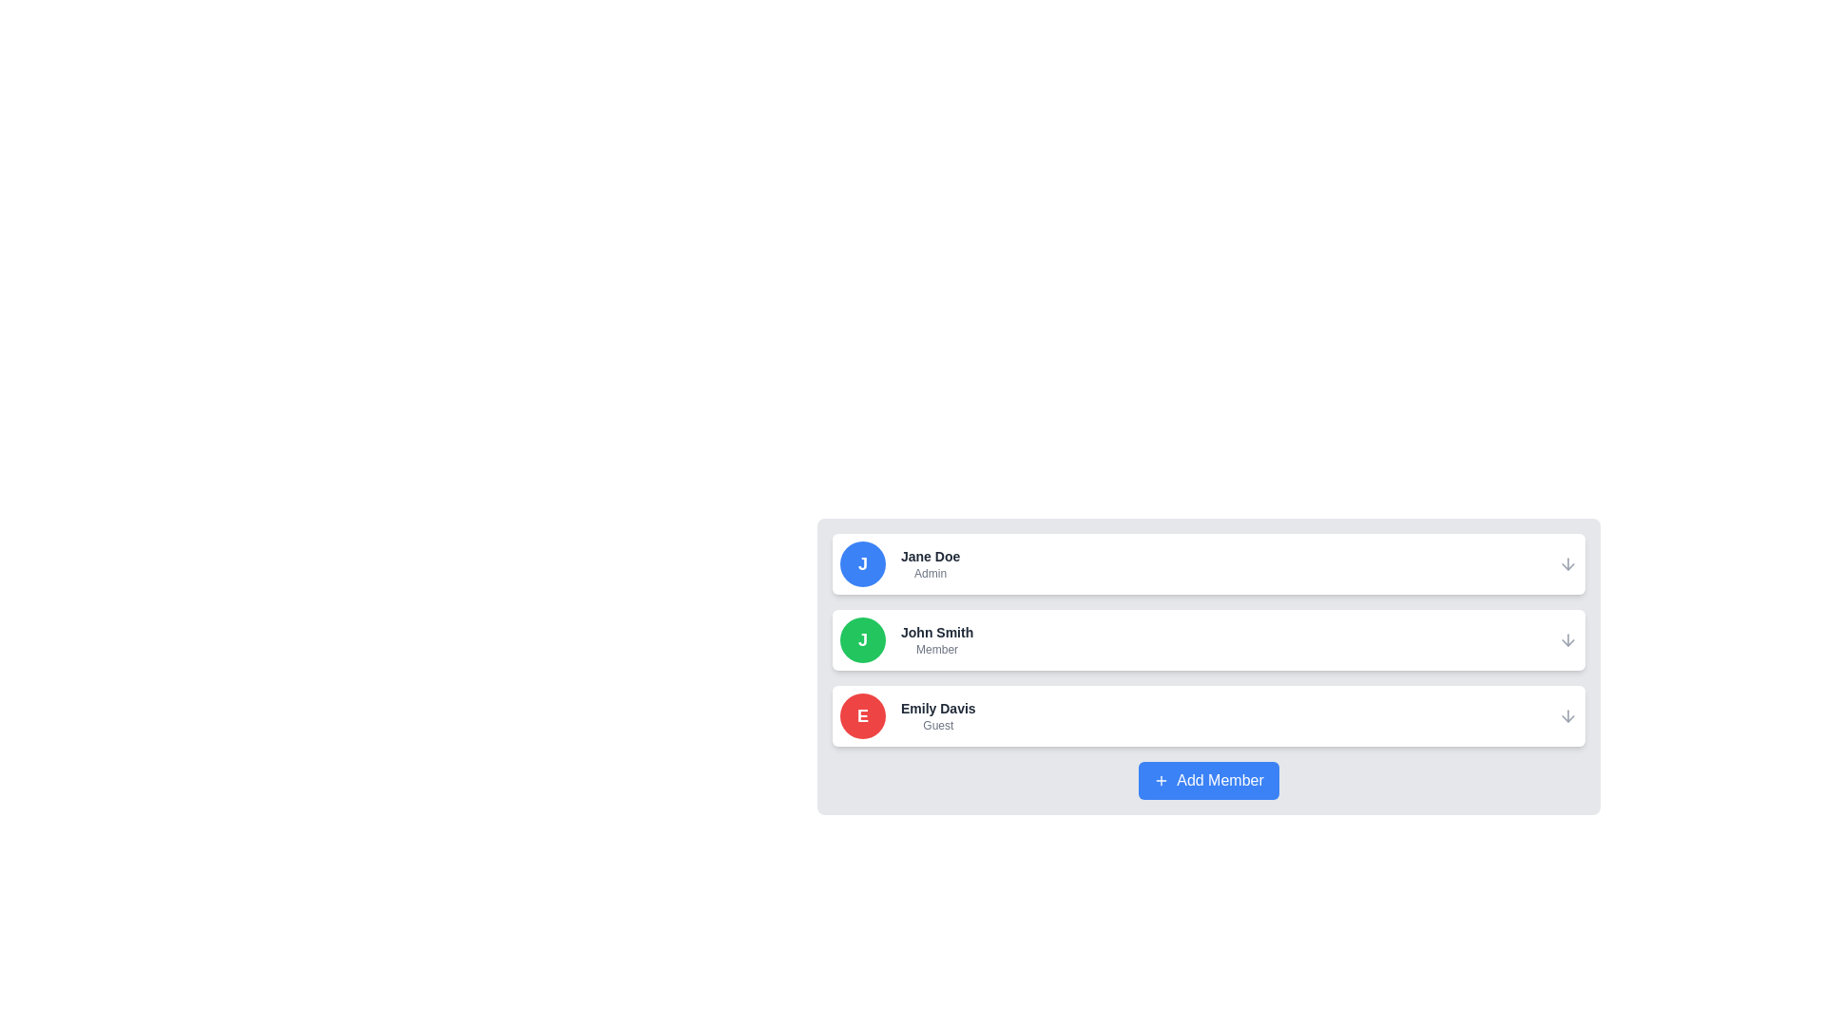 This screenshot has width=1825, height=1026. Describe the element at coordinates (937, 640) in the screenshot. I see `text displayed in the text block containing 'John Smith' and 'Member', which is located in the second row of a vertical list next to a green circular icon with the letter 'J'` at that location.